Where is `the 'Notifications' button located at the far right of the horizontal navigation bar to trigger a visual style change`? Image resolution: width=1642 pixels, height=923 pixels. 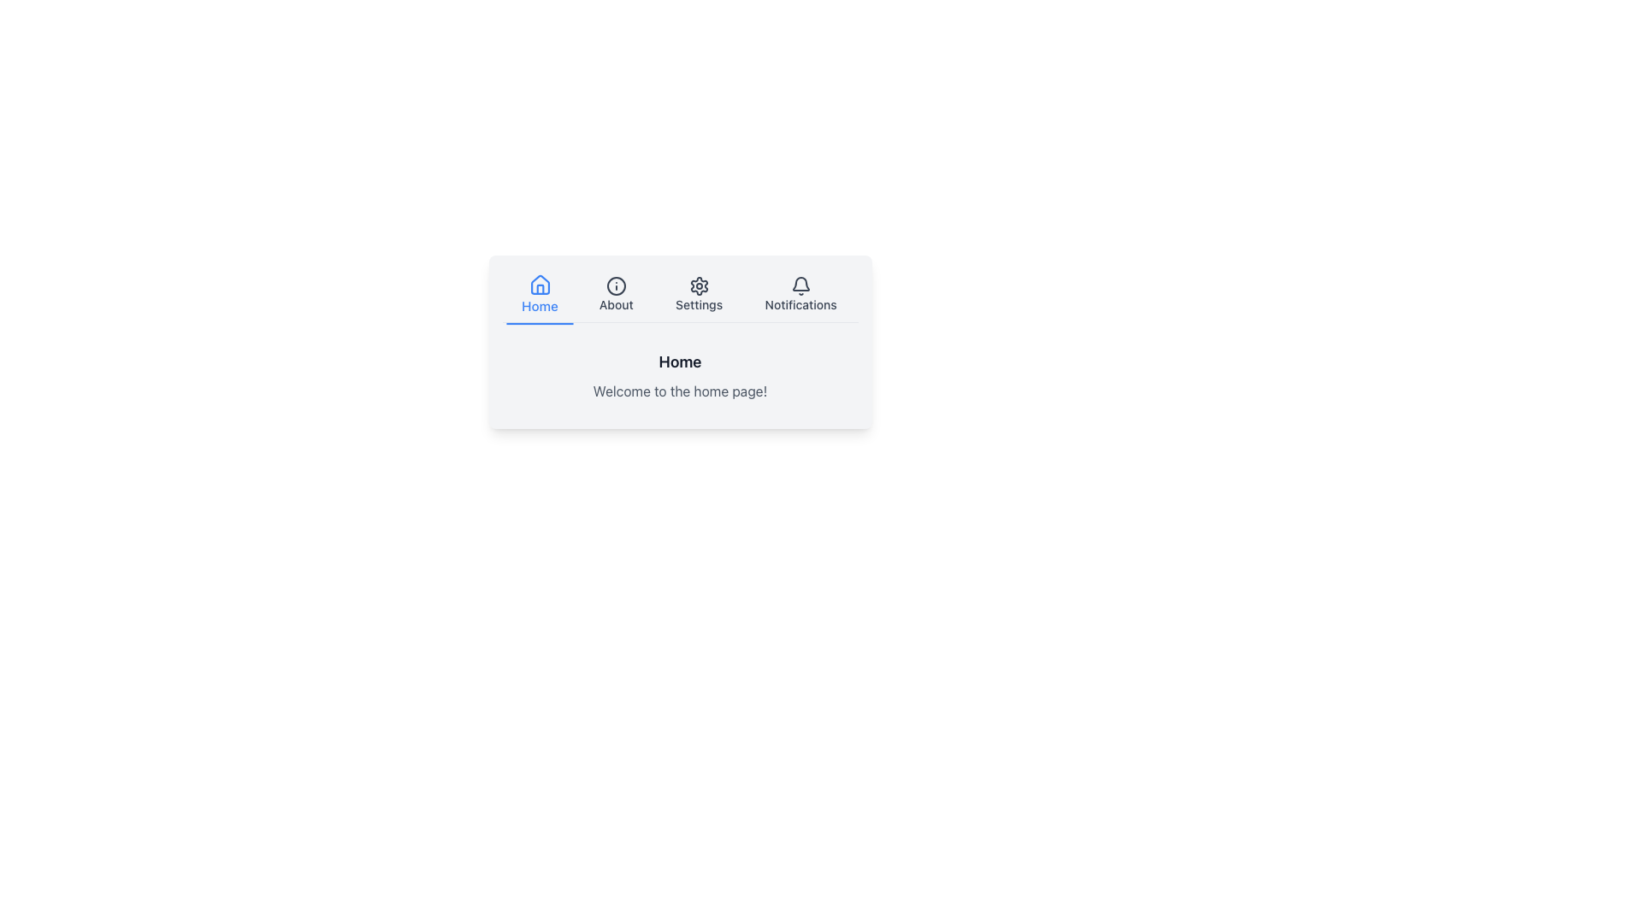
the 'Notifications' button located at the far right of the horizontal navigation bar to trigger a visual style change is located at coordinates (800, 295).